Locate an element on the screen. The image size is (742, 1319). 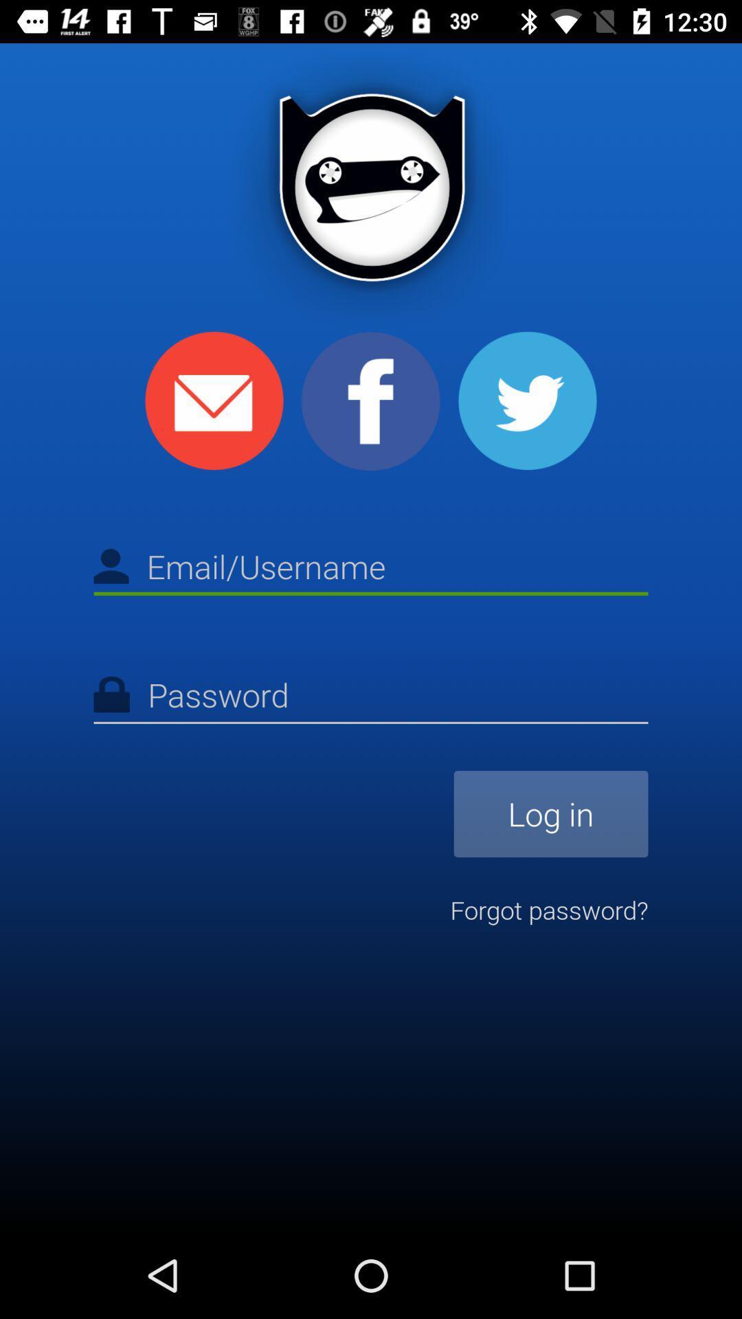
the facebook icon is located at coordinates (371, 401).